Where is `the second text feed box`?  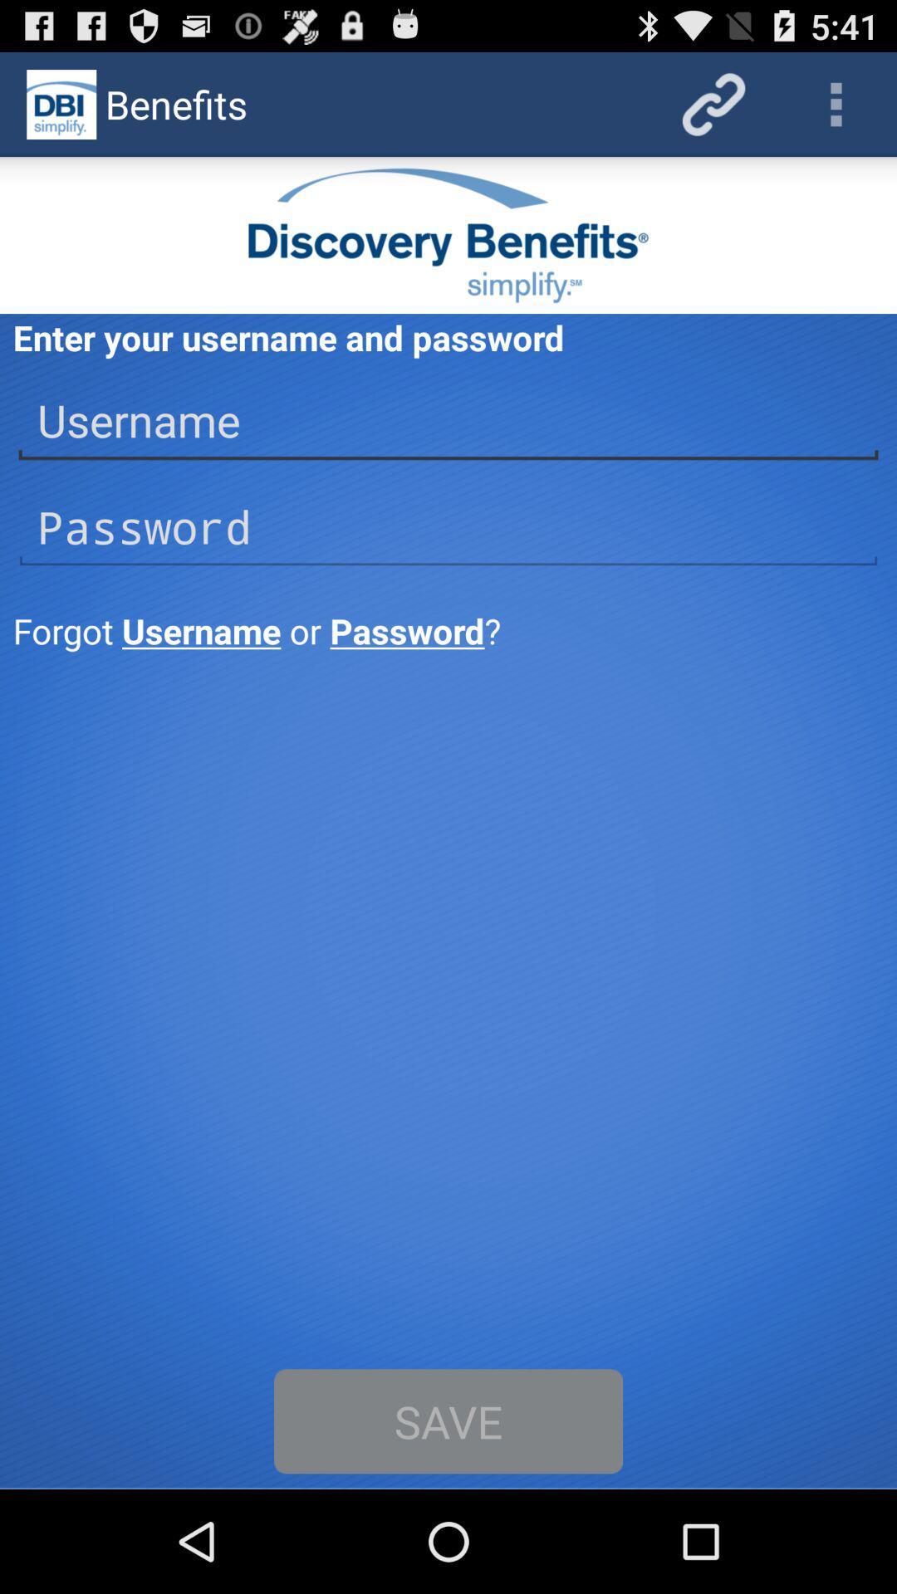 the second text feed box is located at coordinates (448, 526).